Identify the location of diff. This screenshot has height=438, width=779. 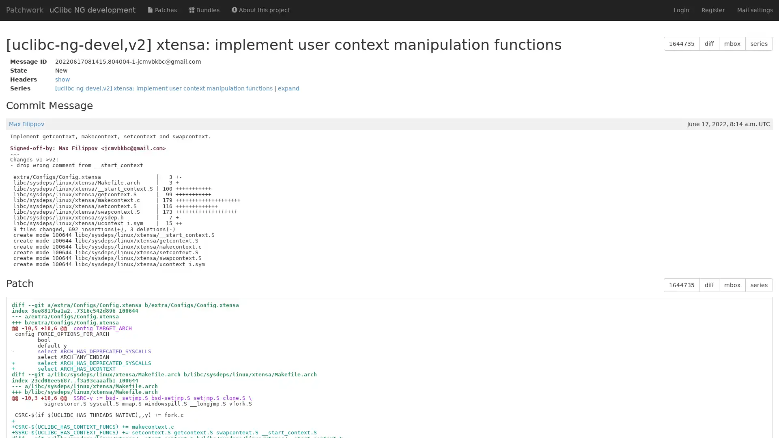
(709, 284).